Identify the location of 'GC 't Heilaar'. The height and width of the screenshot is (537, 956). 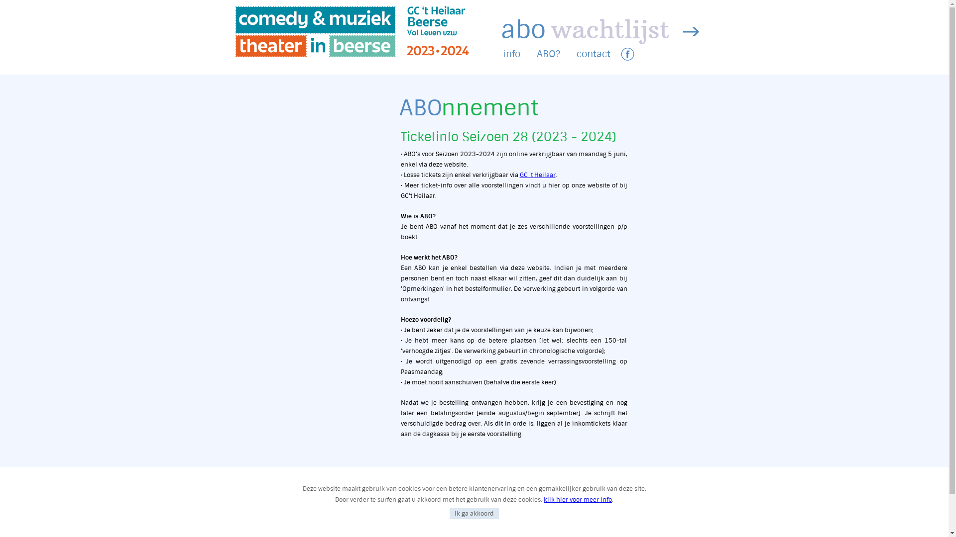
(537, 174).